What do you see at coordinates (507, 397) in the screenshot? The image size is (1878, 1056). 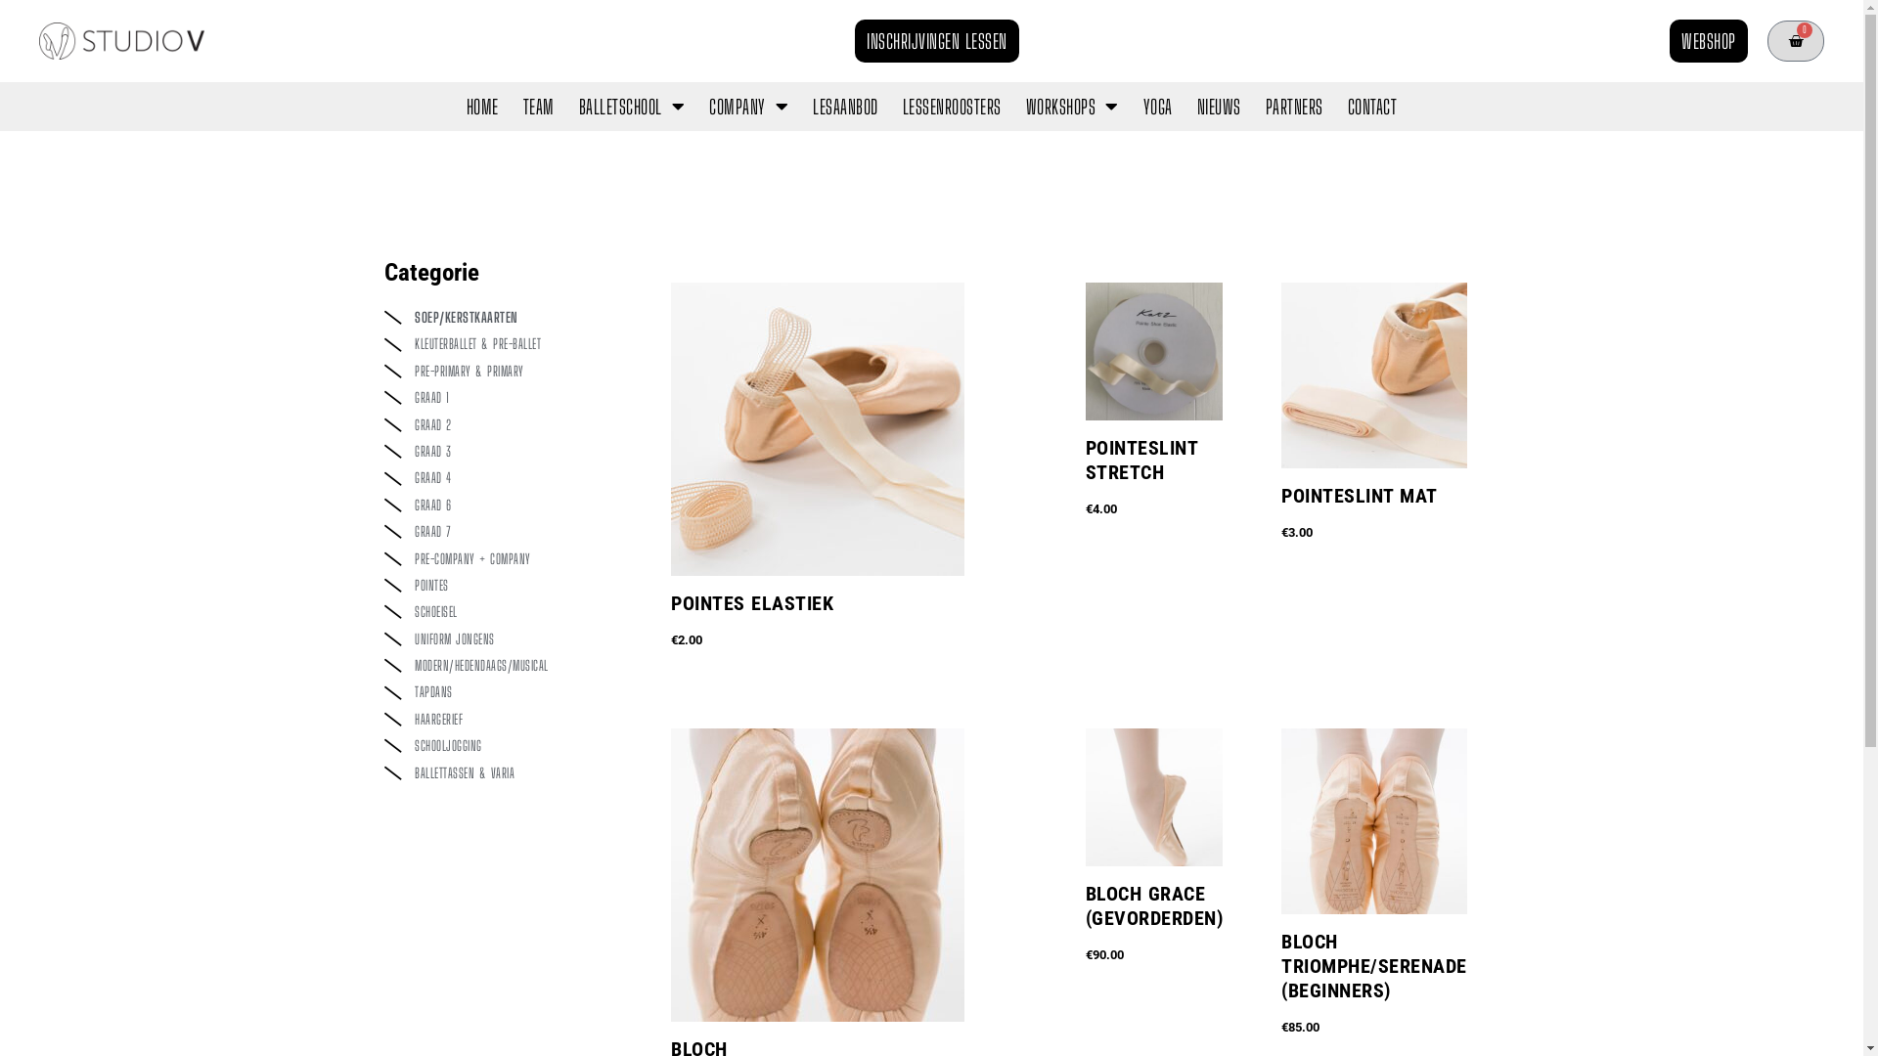 I see `'GRAAD 1'` at bounding box center [507, 397].